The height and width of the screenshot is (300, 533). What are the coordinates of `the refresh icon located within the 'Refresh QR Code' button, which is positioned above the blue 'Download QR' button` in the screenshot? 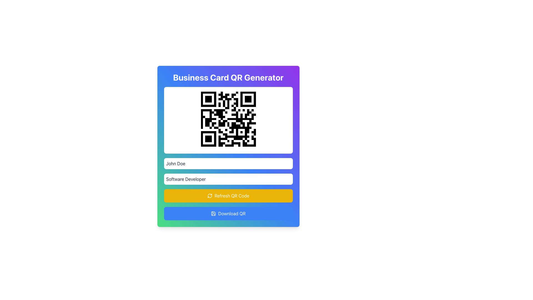 It's located at (210, 196).